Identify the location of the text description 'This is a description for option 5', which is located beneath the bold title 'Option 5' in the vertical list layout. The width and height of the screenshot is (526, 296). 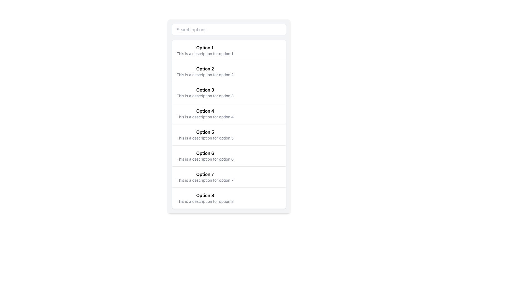
(205, 138).